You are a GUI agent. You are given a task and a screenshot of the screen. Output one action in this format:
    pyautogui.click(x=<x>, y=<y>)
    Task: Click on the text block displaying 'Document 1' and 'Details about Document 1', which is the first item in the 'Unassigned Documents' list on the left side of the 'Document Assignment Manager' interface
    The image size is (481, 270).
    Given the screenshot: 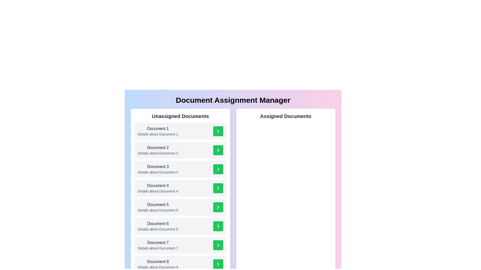 What is the action you would take?
    pyautogui.click(x=158, y=131)
    